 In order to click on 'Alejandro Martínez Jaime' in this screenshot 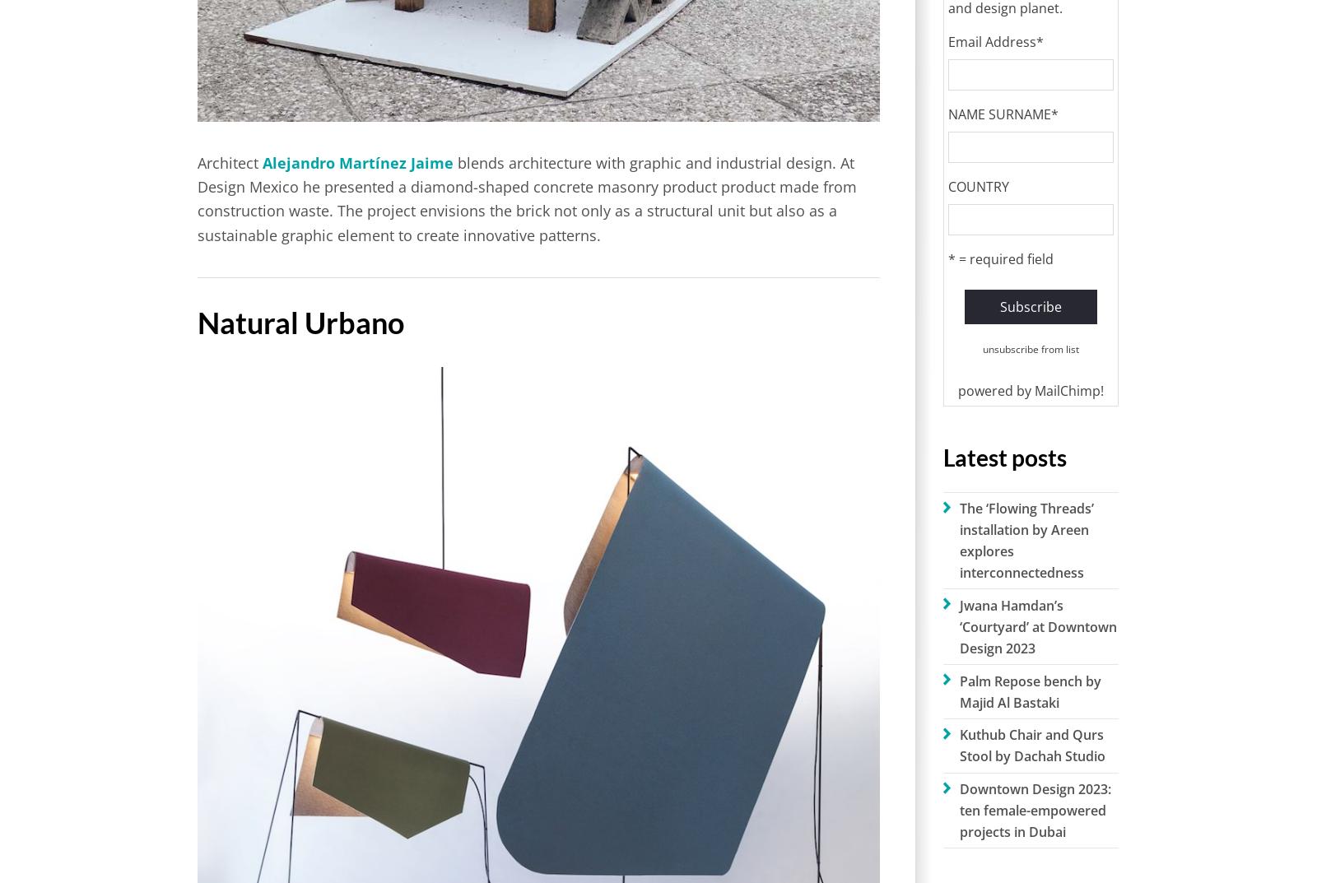, I will do `click(263, 162)`.